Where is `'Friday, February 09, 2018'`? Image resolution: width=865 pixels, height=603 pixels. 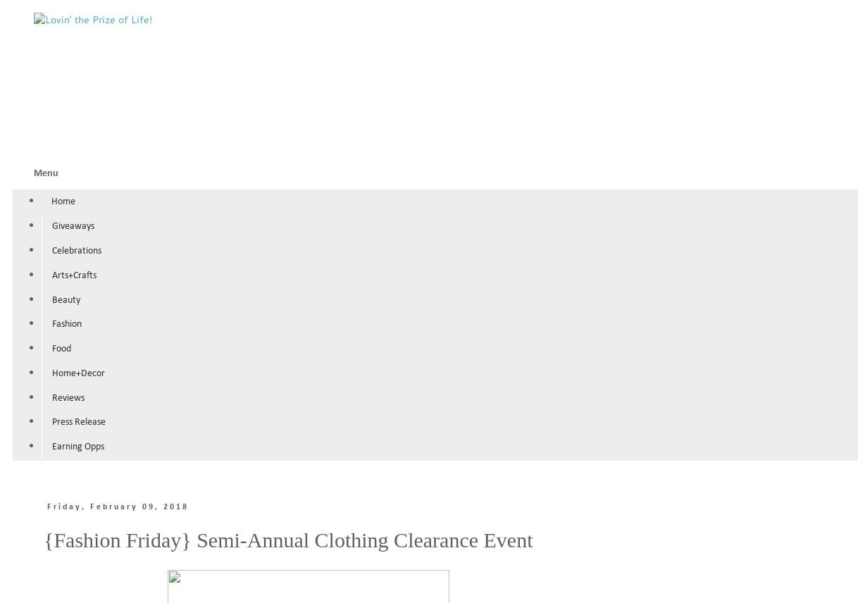
'Friday, February 09, 2018' is located at coordinates (116, 506).